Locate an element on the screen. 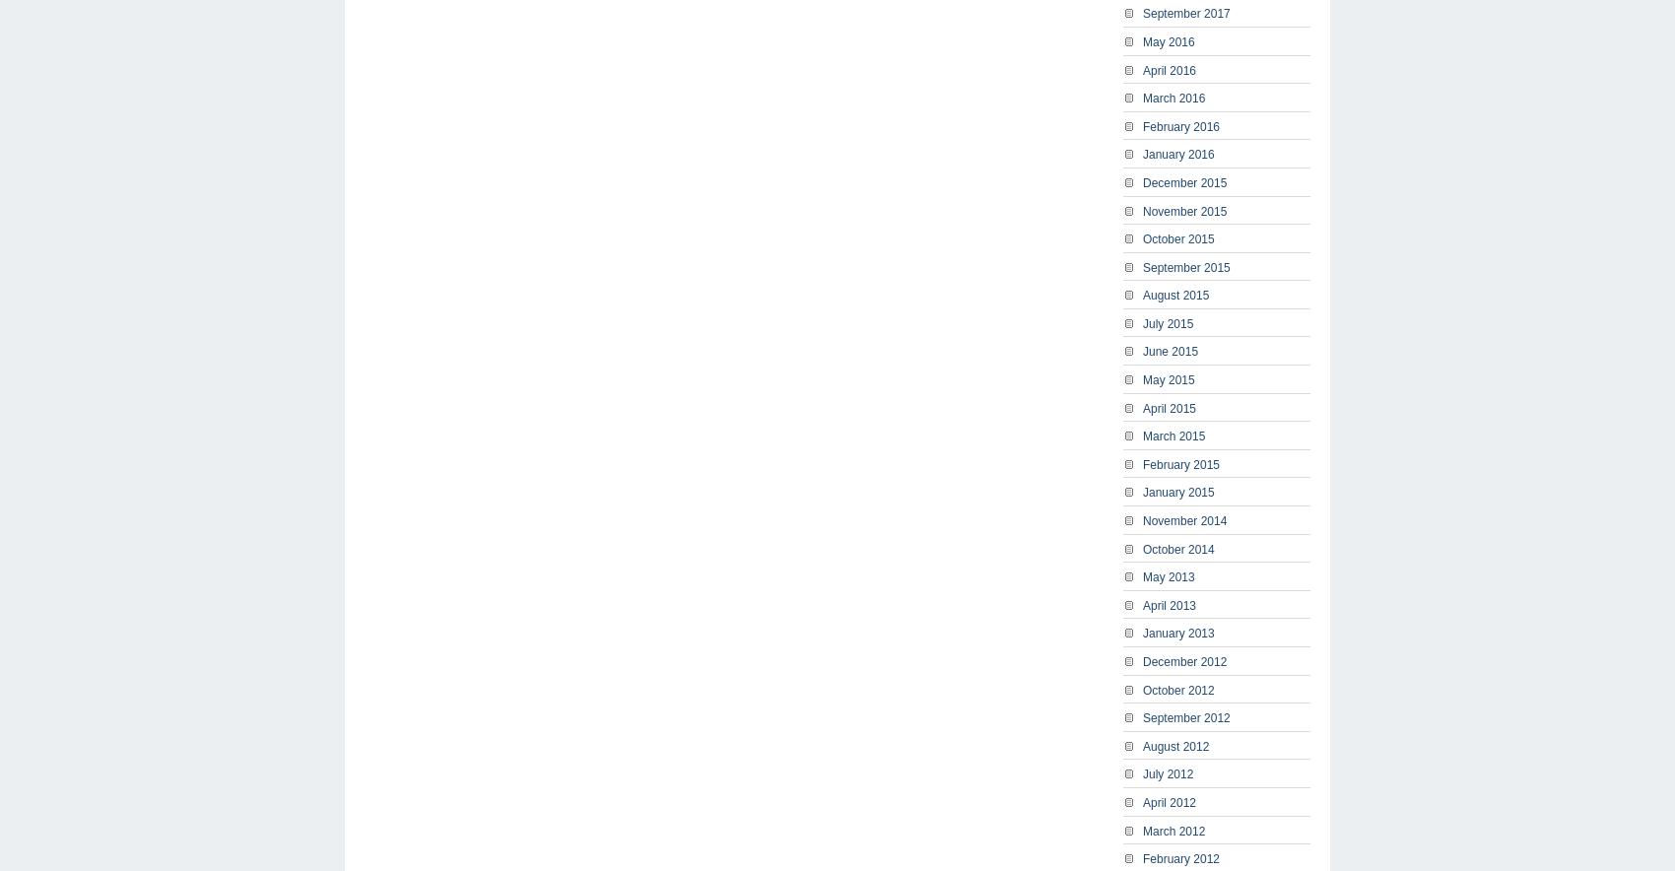 This screenshot has height=871, width=1675. 'February 2015' is located at coordinates (1180, 463).